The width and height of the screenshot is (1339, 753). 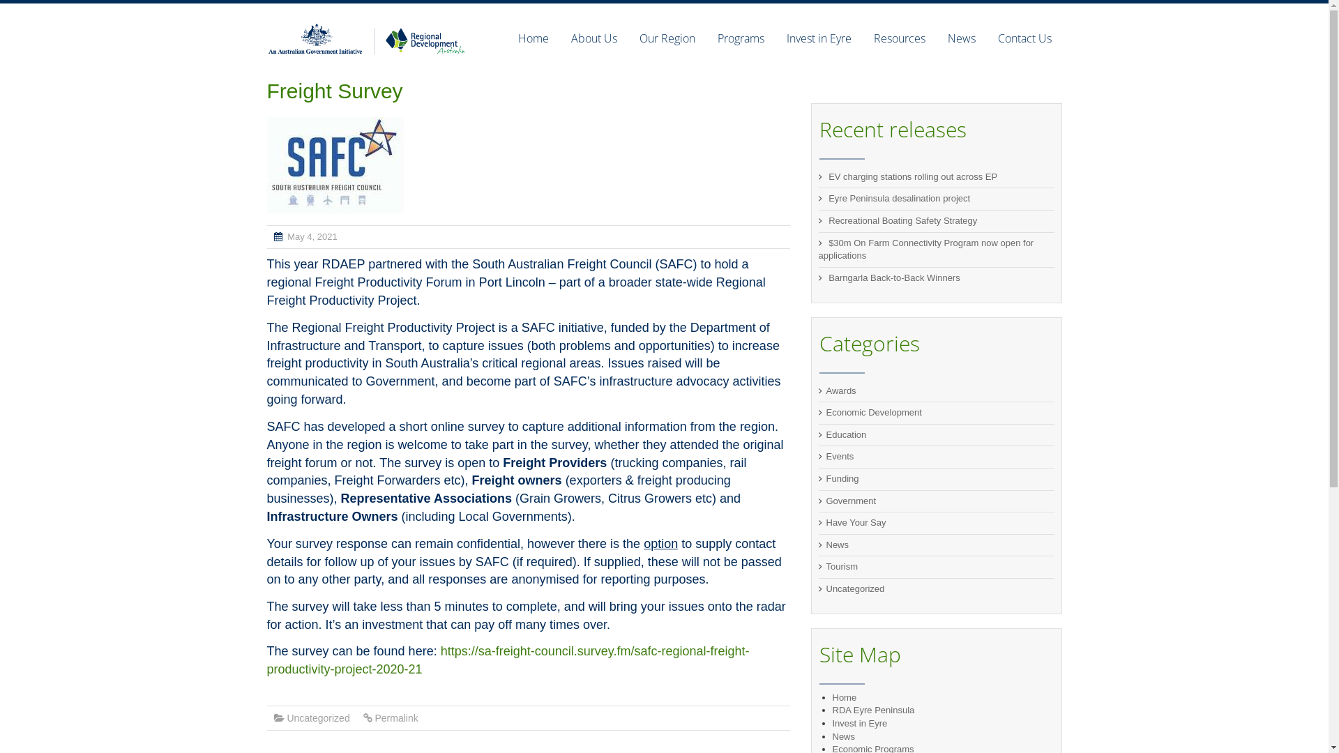 What do you see at coordinates (926, 249) in the screenshot?
I see `'$30m On Farm Connectivity Program now open for applications'` at bounding box center [926, 249].